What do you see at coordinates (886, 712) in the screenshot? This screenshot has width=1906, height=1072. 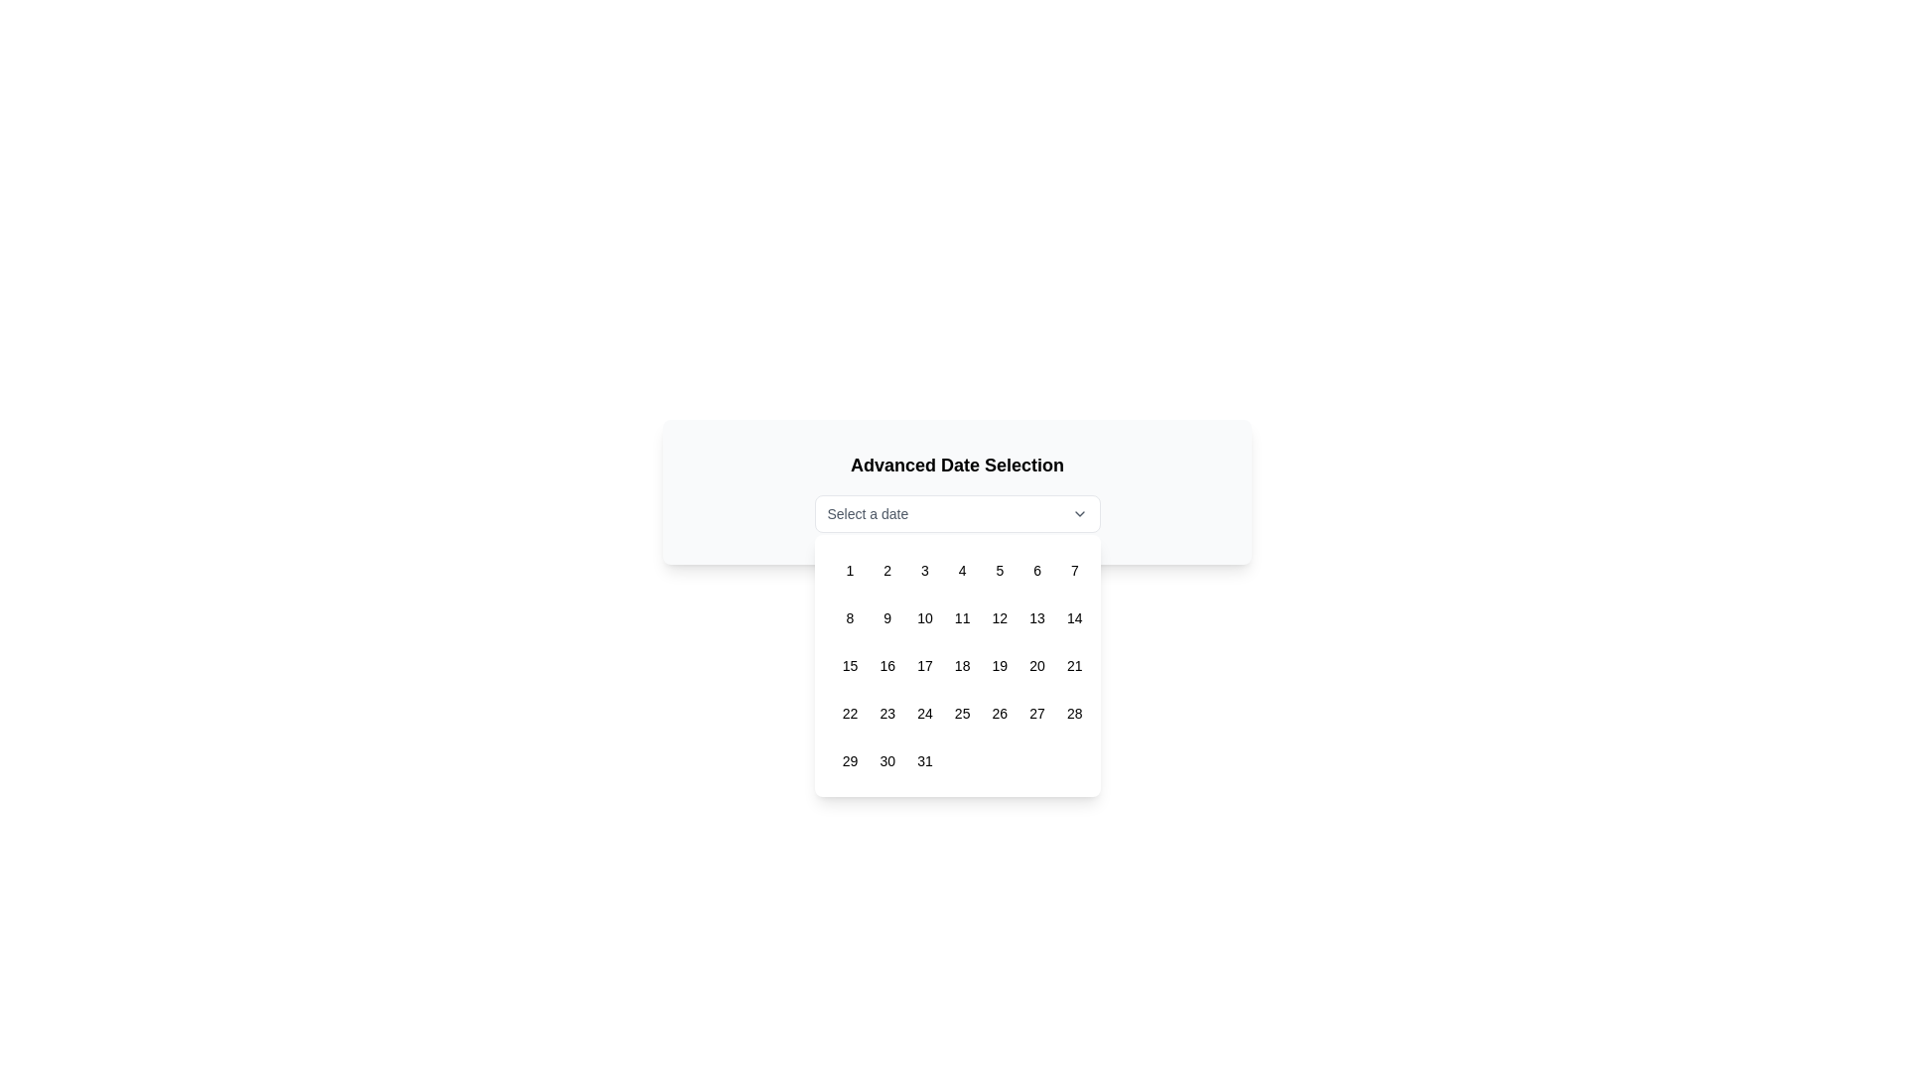 I see `the button displaying '23' in bold font, located in the fourth row, second column of the date-picker layout under the 'Advanced Date Selection' header to change its background color` at bounding box center [886, 712].